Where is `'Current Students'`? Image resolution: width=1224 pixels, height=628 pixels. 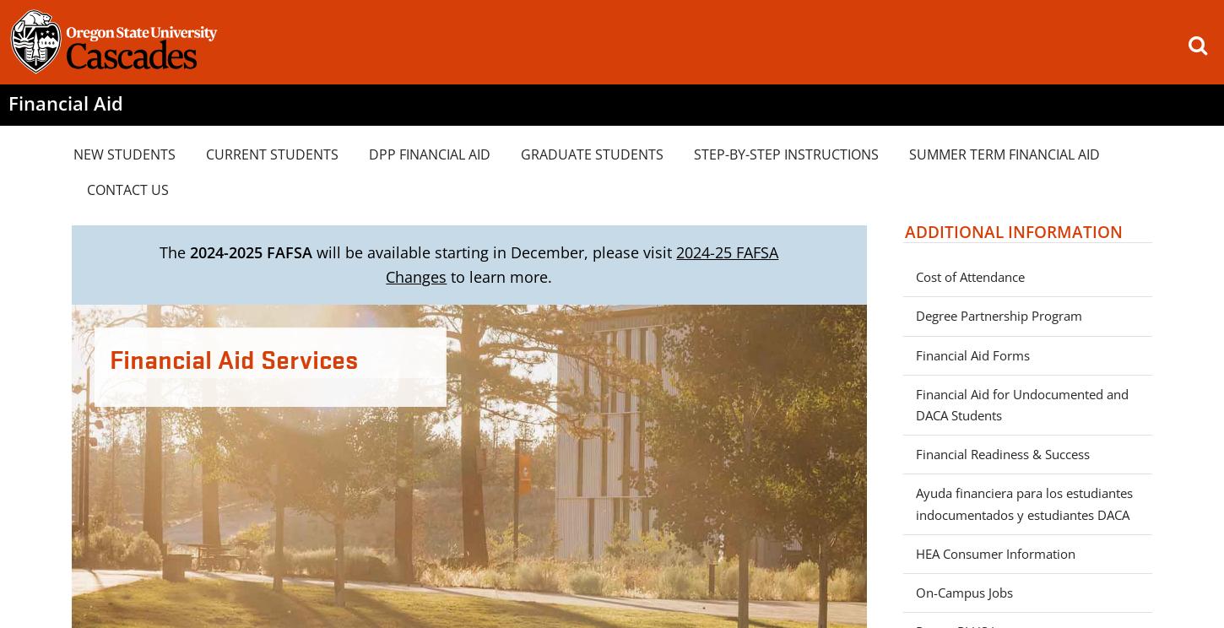
'Current Students' is located at coordinates (272, 152).